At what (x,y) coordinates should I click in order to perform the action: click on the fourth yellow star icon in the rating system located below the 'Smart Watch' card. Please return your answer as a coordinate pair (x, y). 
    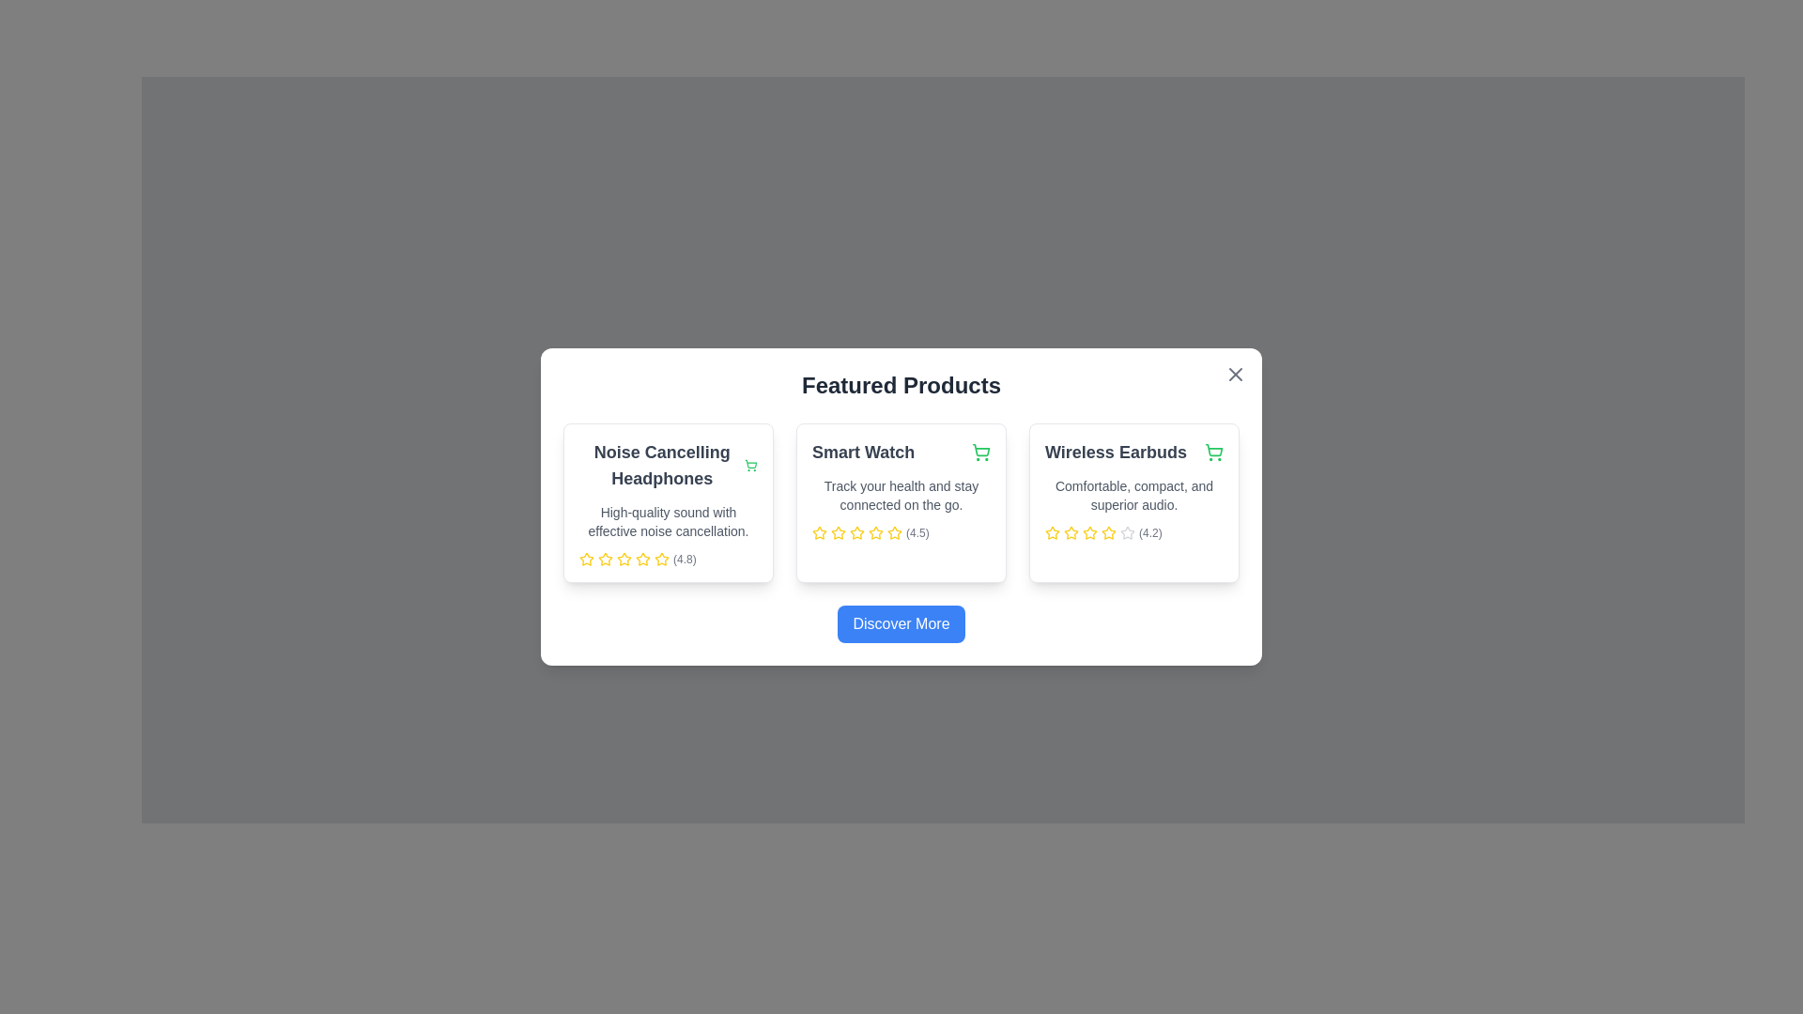
    Looking at the image, I should click on (855, 532).